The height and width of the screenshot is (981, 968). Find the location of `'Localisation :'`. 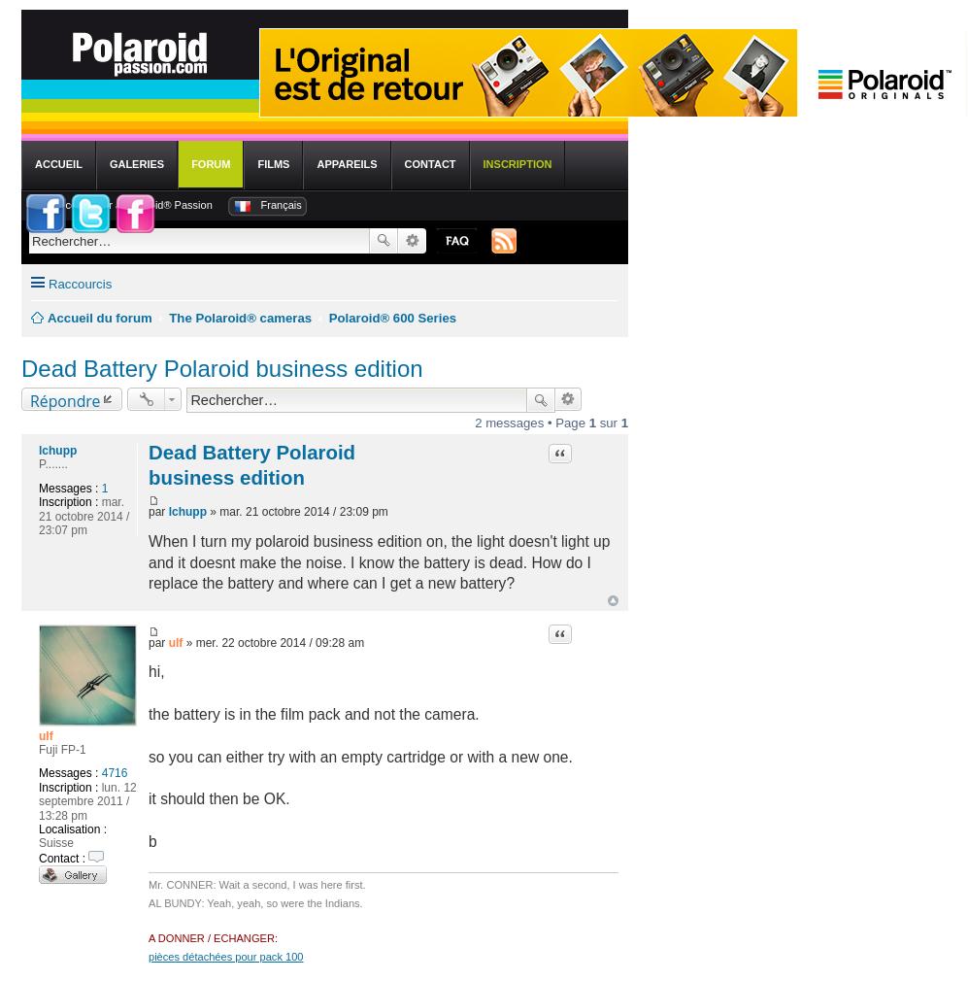

'Localisation :' is located at coordinates (38, 829).